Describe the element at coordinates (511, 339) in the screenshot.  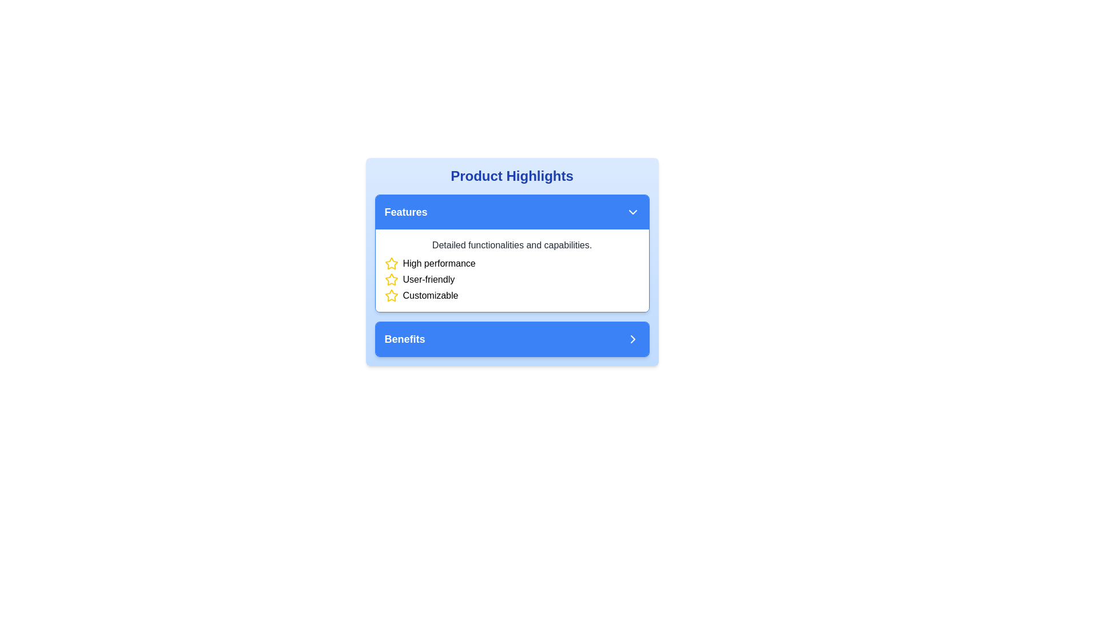
I see `the 'Benefits' button or clickable header located below the 'Features' section within the 'Product Highlights' panel` at that location.